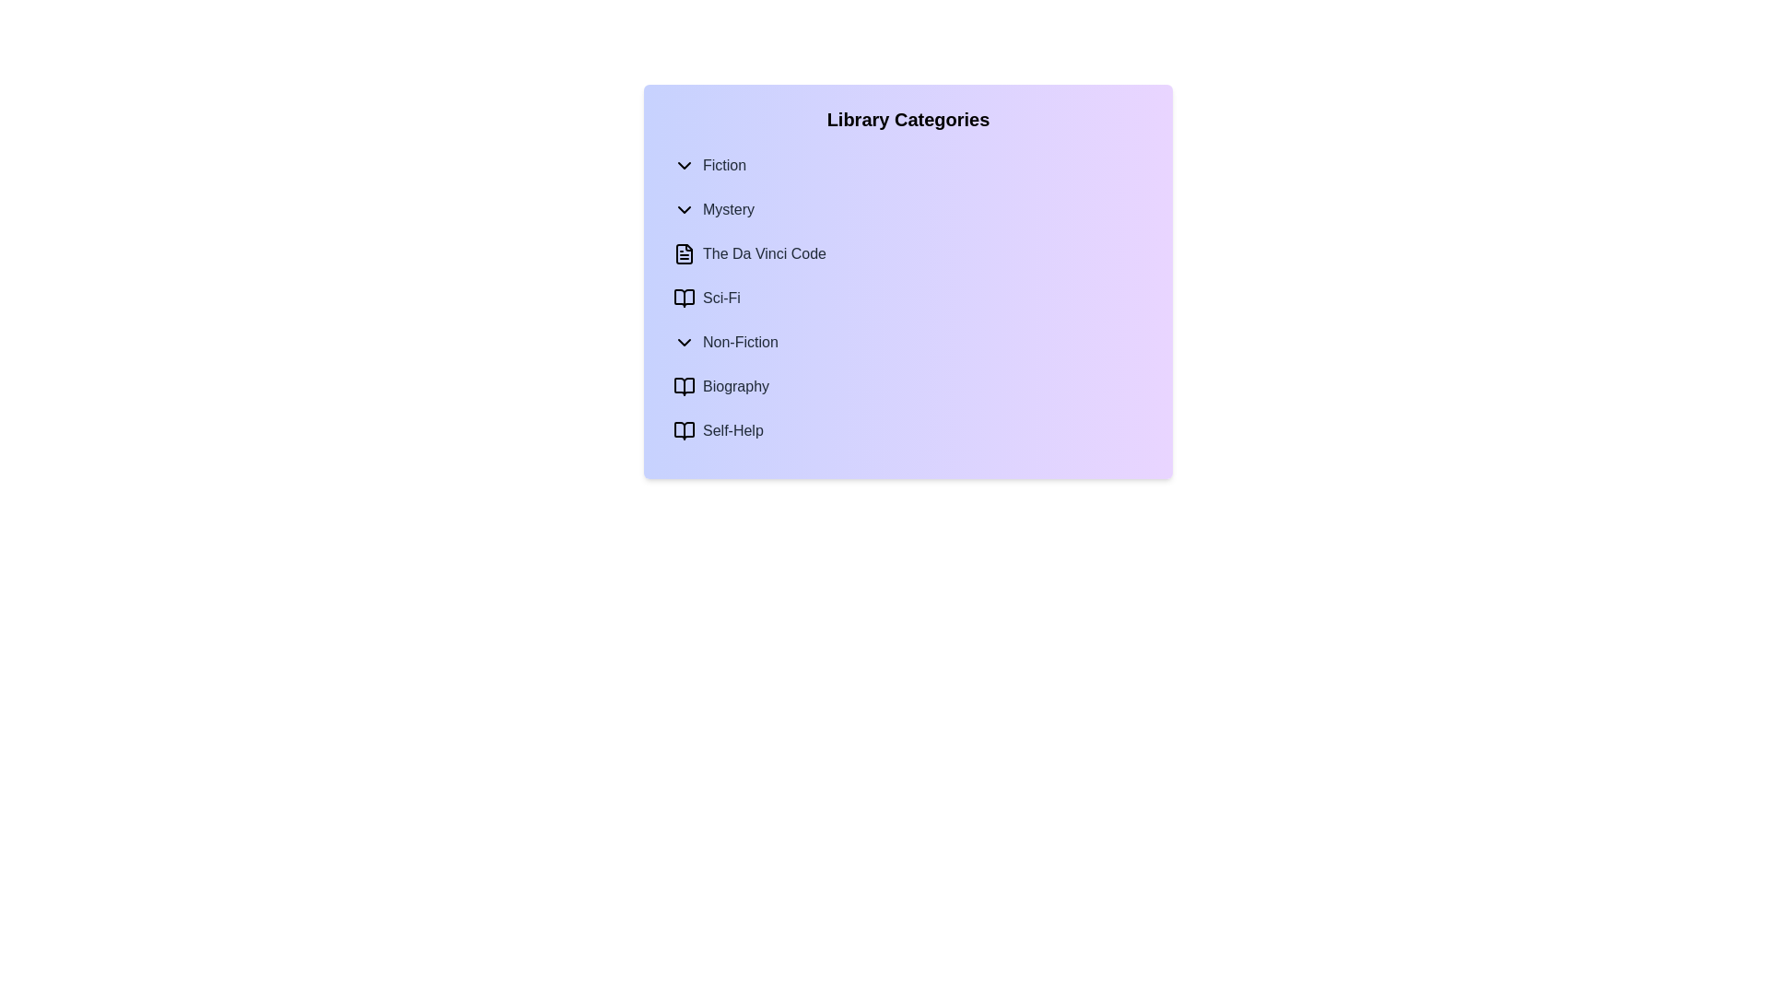 Image resolution: width=1769 pixels, height=995 pixels. What do you see at coordinates (684, 254) in the screenshot?
I see `the document icon representing 'The Da Vinci Code' in the 'Library Categories' menu` at bounding box center [684, 254].